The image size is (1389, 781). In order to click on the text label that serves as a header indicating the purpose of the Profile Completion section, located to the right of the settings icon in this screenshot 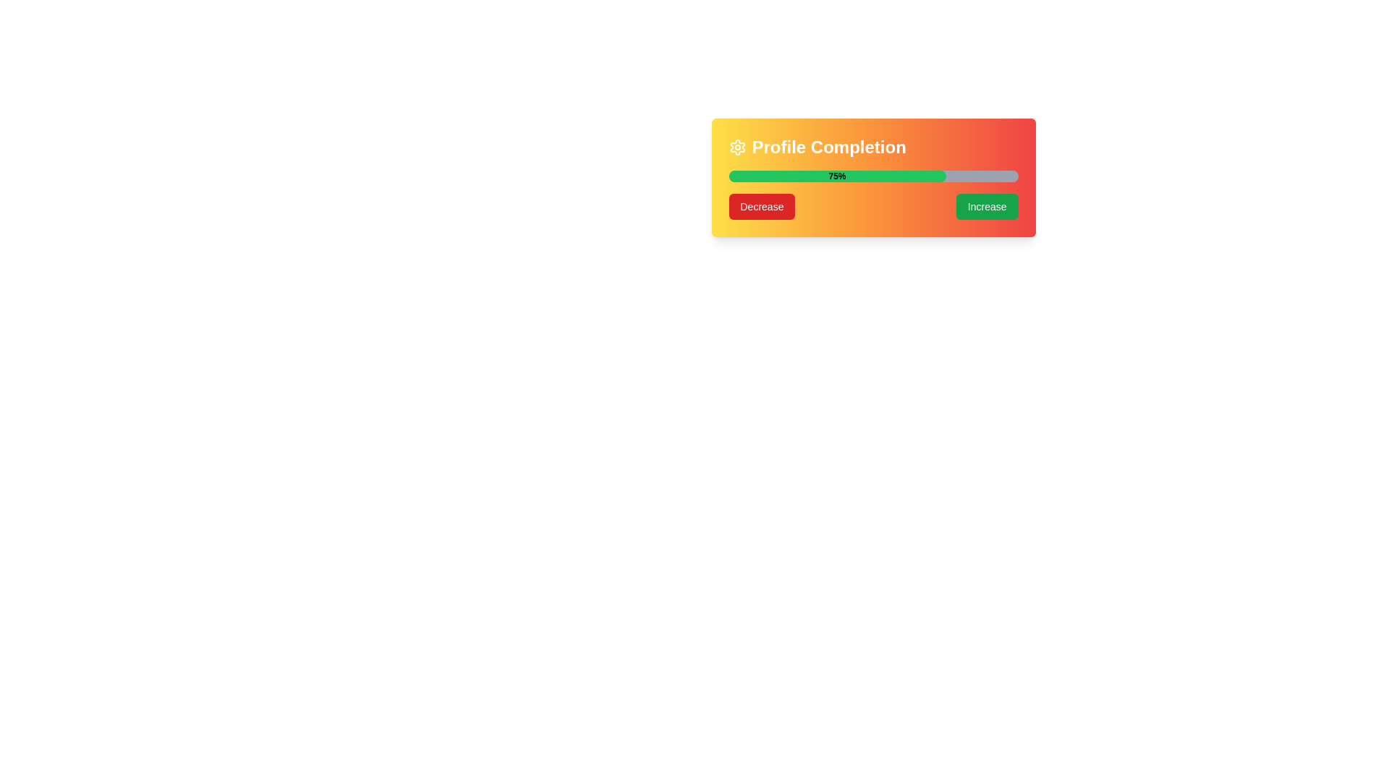, I will do `click(829, 148)`.